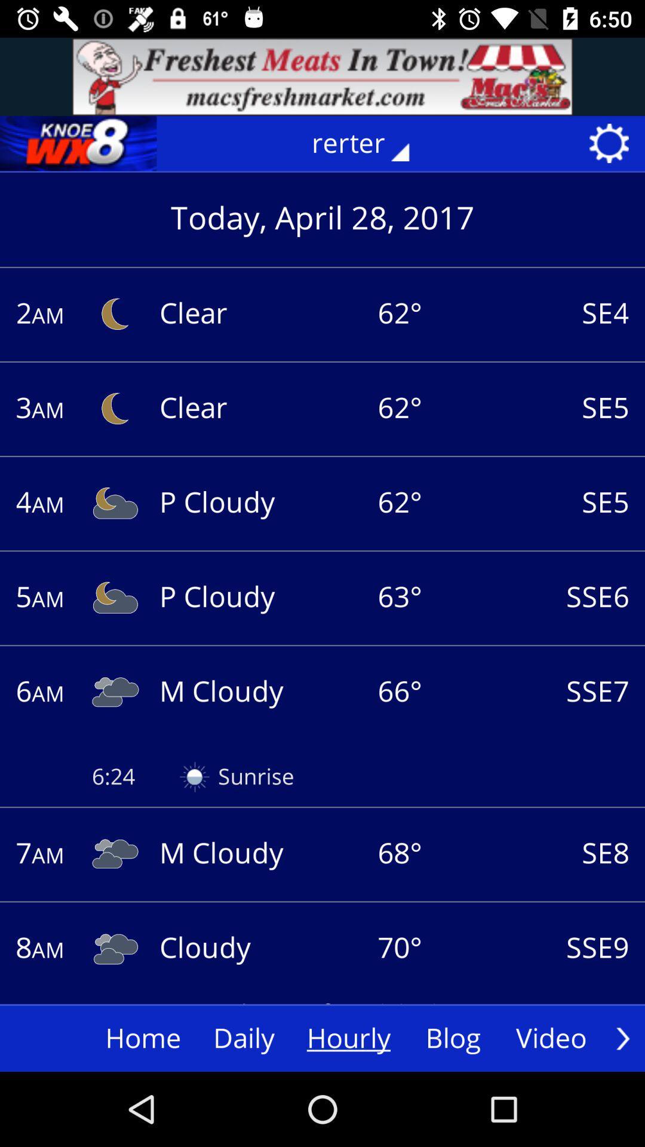 The width and height of the screenshot is (645, 1147). What do you see at coordinates (78, 143) in the screenshot?
I see `item to the left of the rerter icon` at bounding box center [78, 143].